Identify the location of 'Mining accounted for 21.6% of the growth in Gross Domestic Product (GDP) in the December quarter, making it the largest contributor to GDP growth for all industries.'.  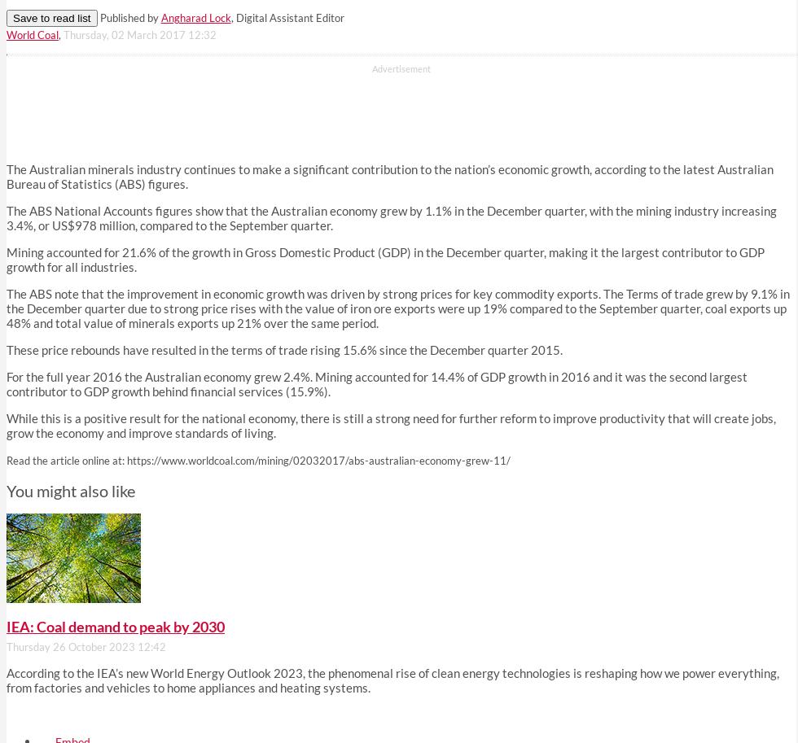
(385, 259).